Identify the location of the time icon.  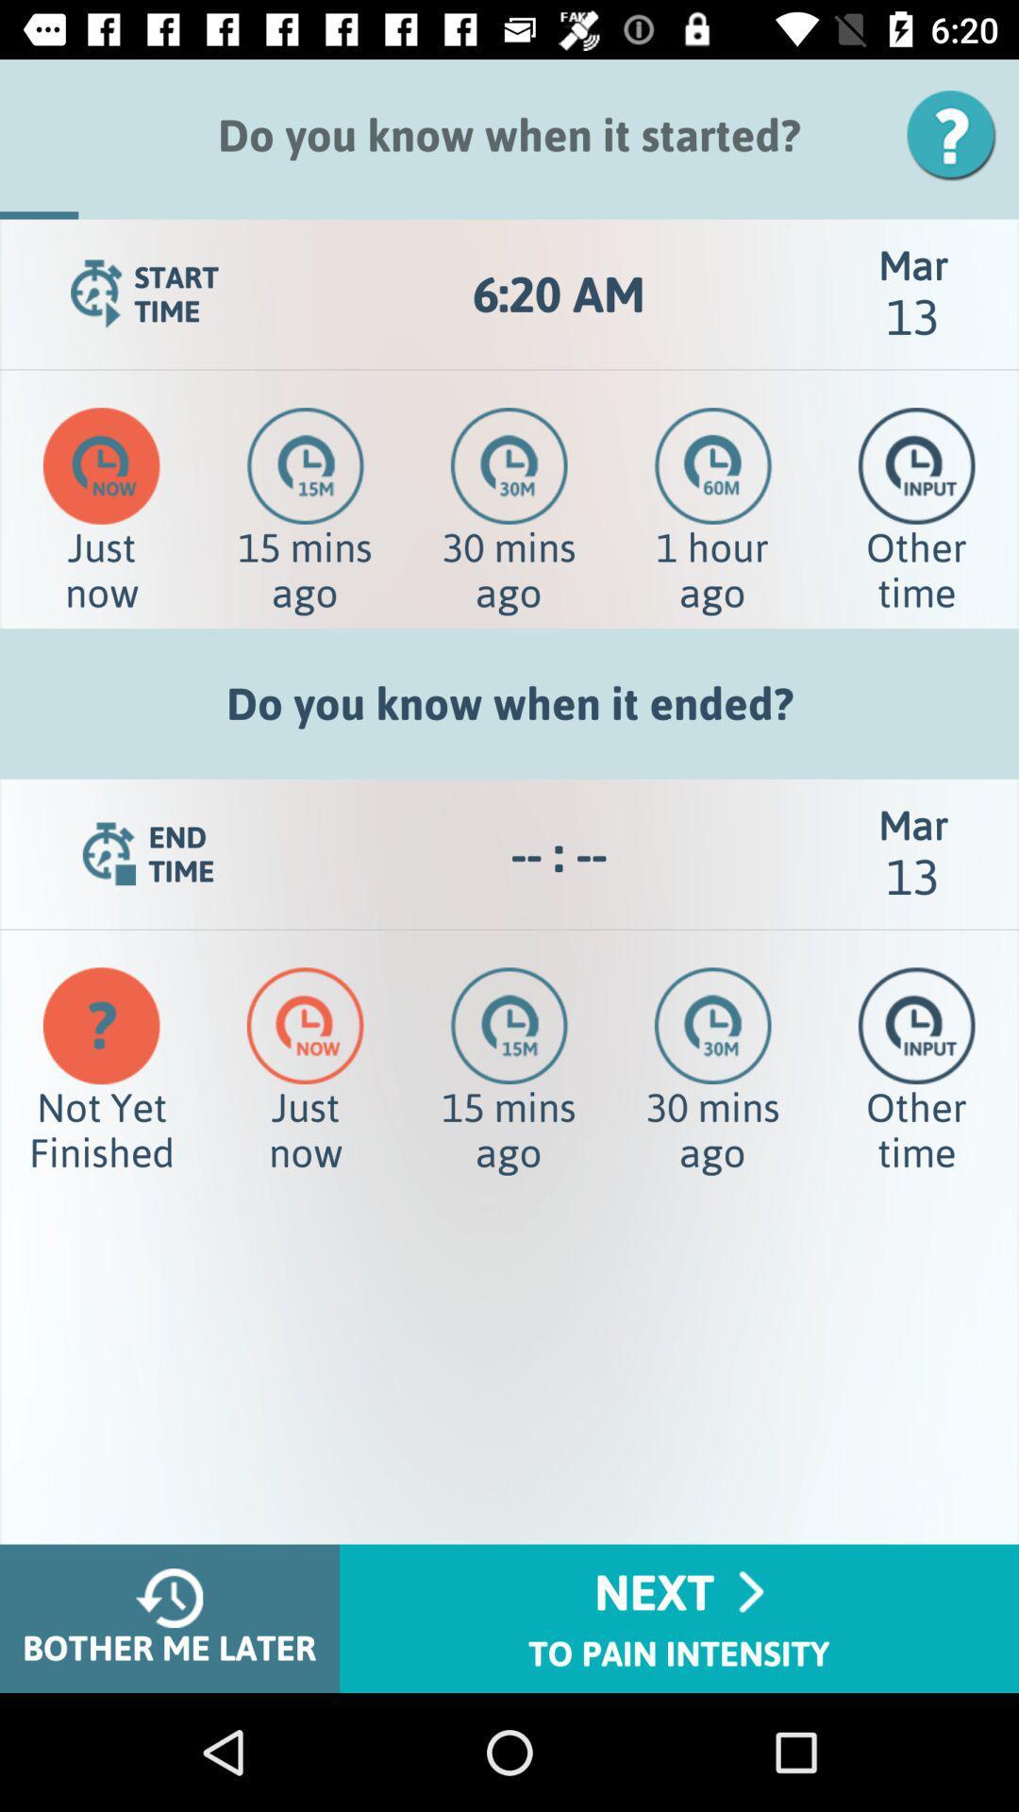
(915, 1025).